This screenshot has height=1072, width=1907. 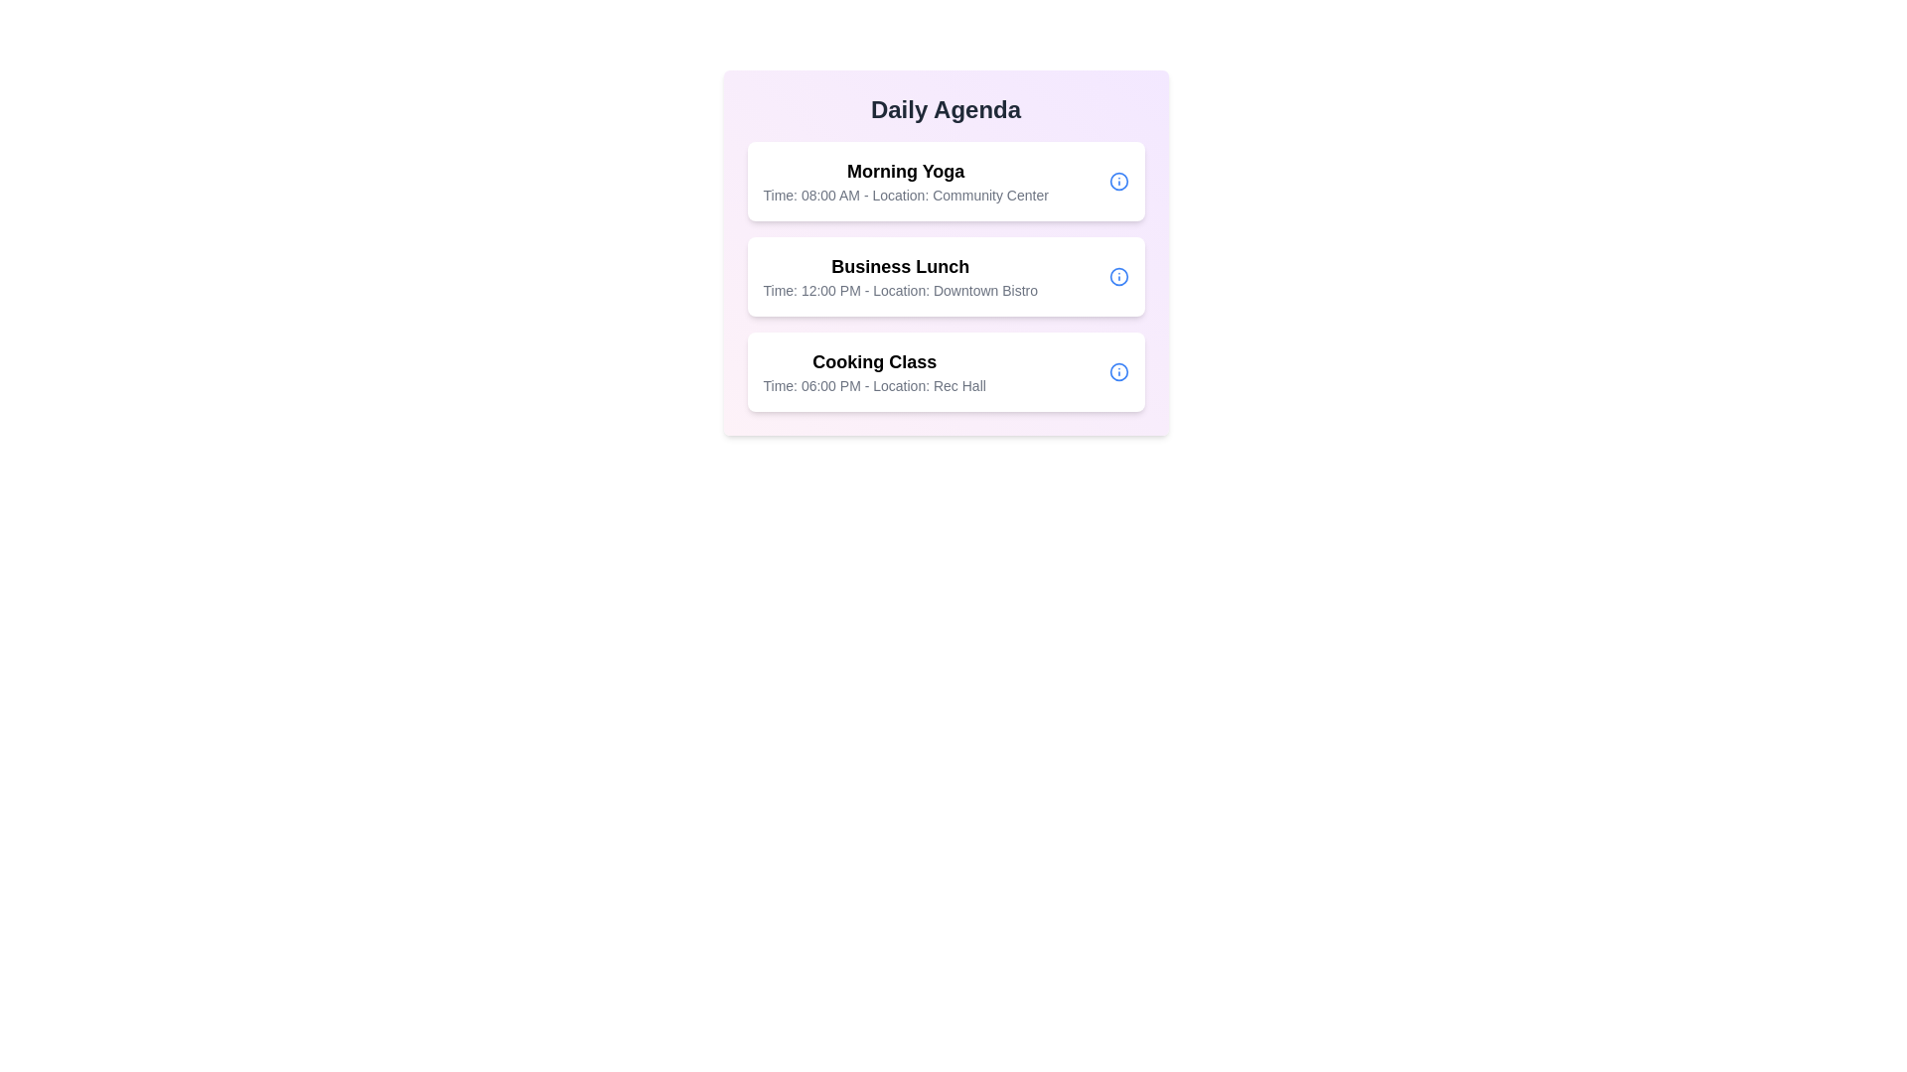 What do you see at coordinates (1118, 276) in the screenshot?
I see `the information button for the activity Business Lunch` at bounding box center [1118, 276].